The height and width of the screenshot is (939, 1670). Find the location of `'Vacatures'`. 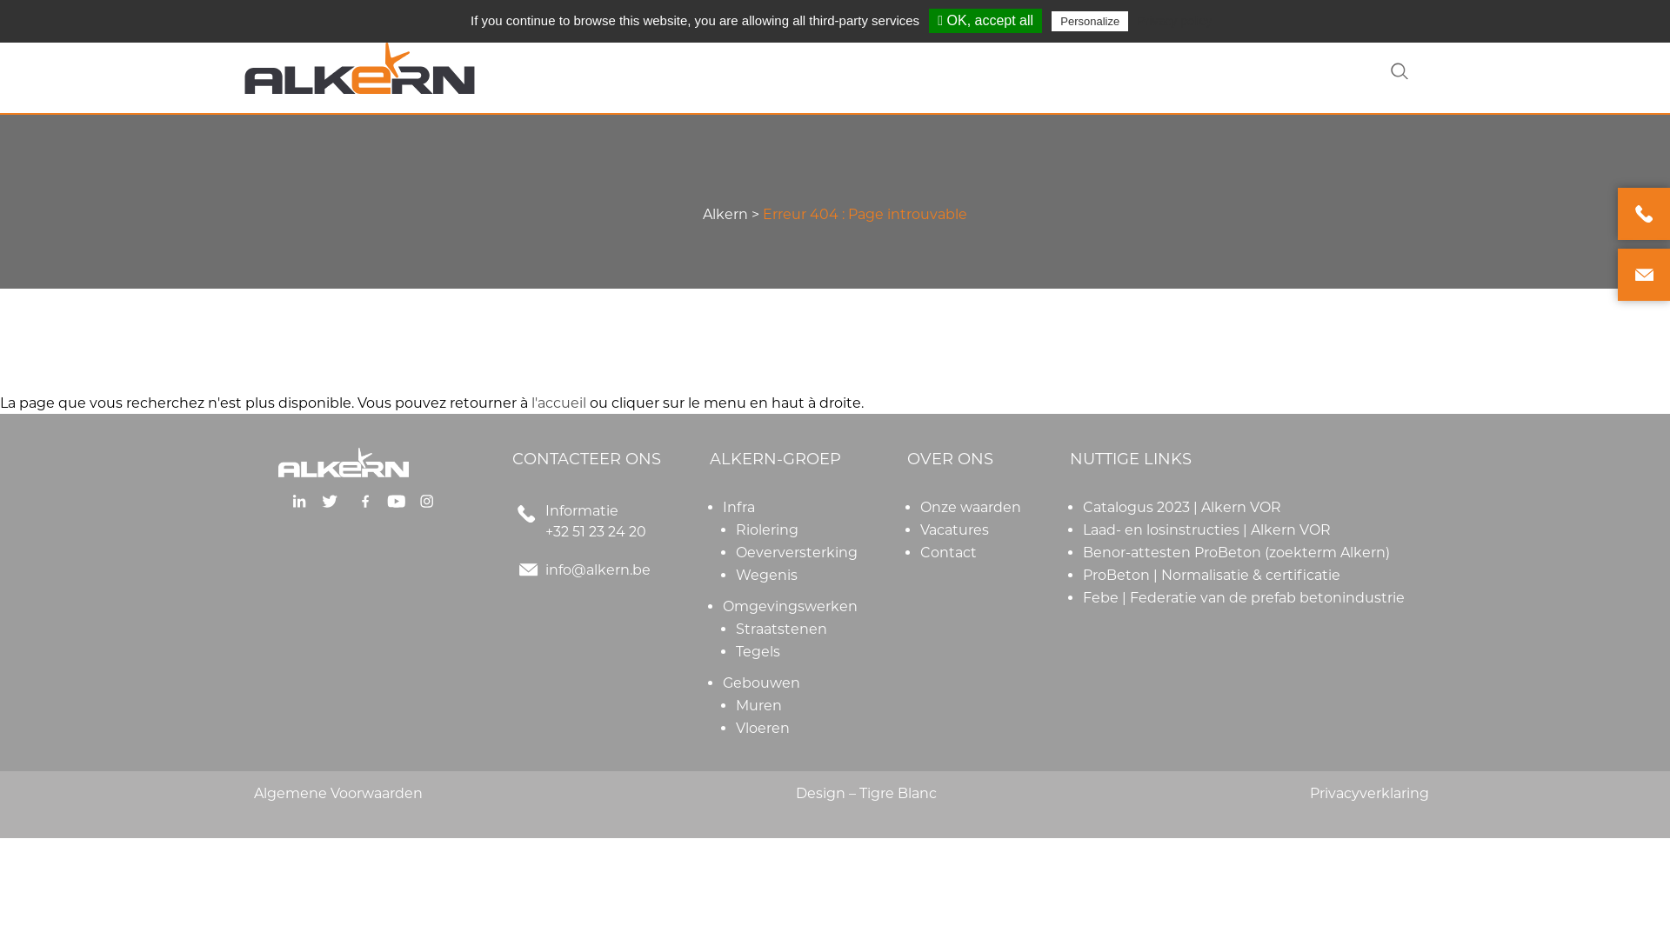

'Vacatures' is located at coordinates (953, 529).